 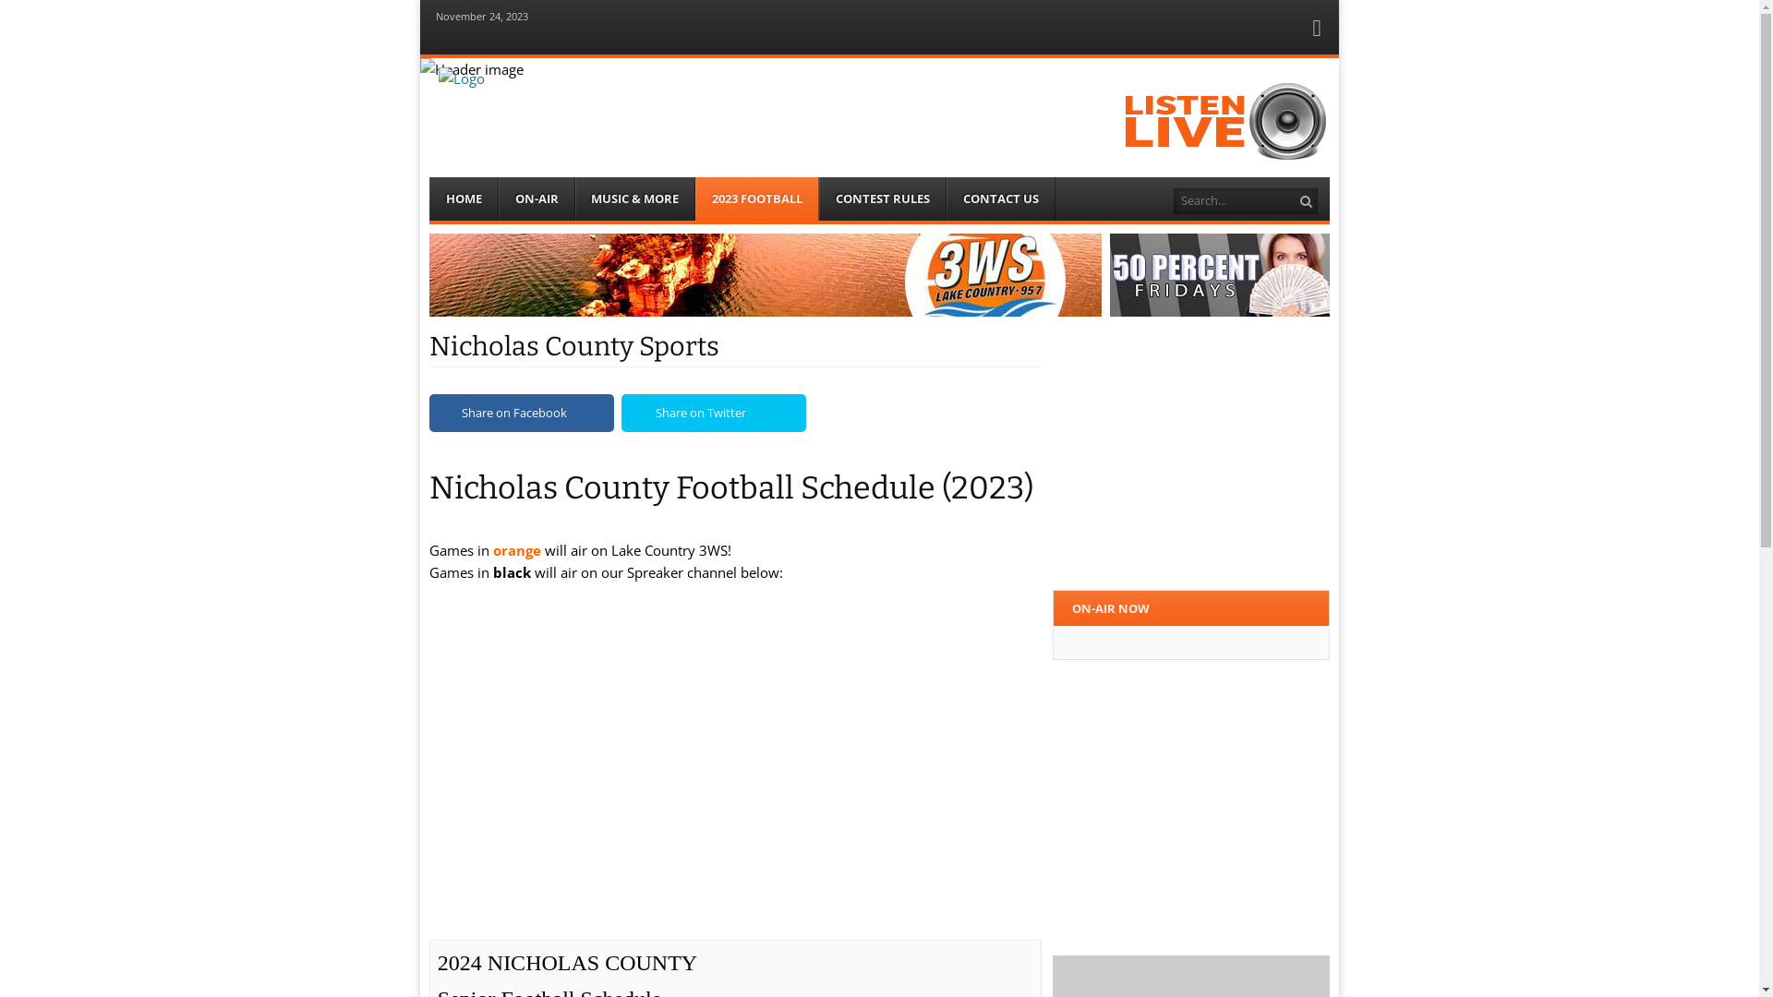 I want to click on 'MUSIC & MORE', so click(x=574, y=198).